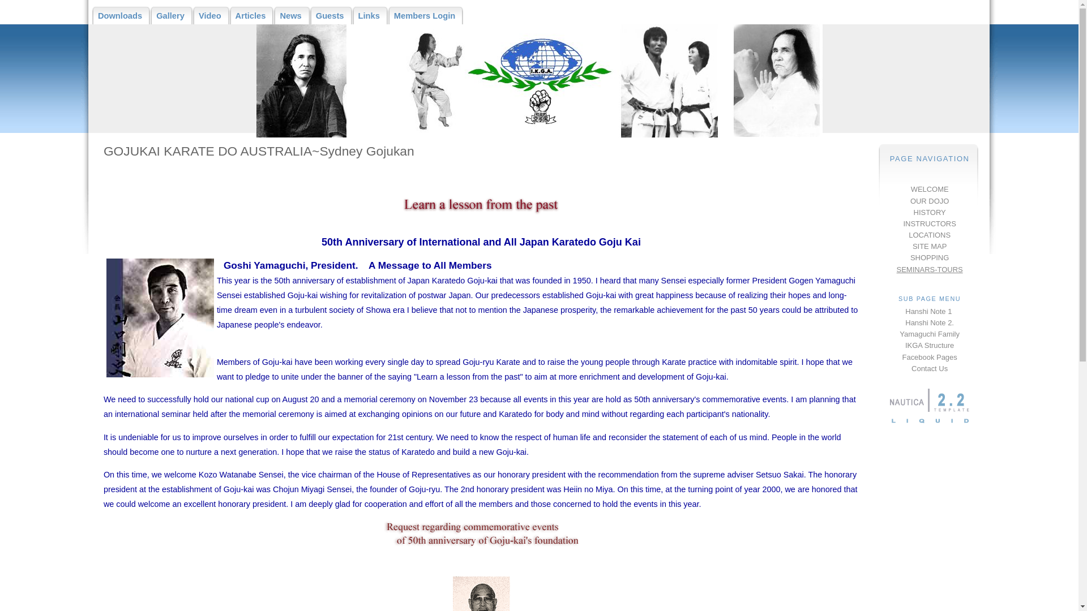  What do you see at coordinates (929, 345) in the screenshot?
I see `'IKGA Structure'` at bounding box center [929, 345].